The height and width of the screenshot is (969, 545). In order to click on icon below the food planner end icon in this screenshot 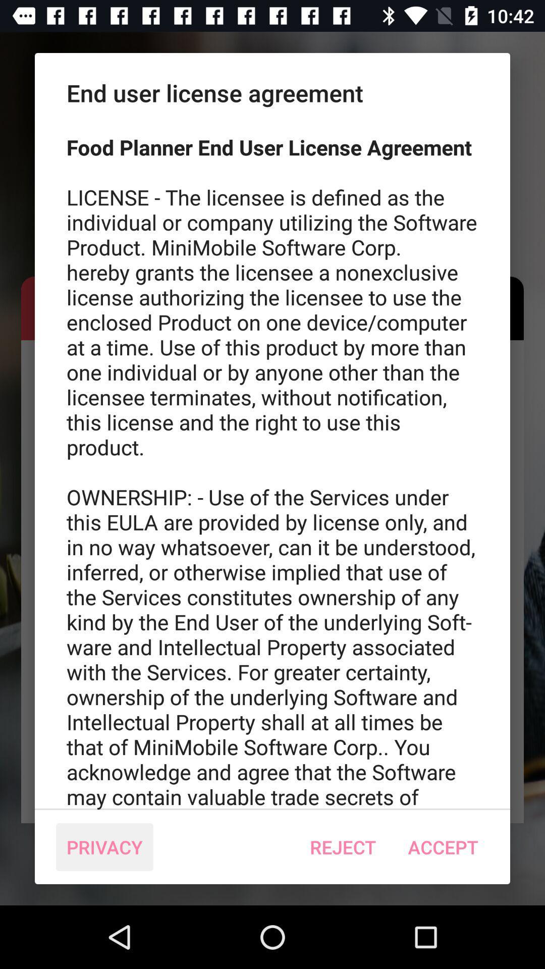, I will do `click(104, 847)`.